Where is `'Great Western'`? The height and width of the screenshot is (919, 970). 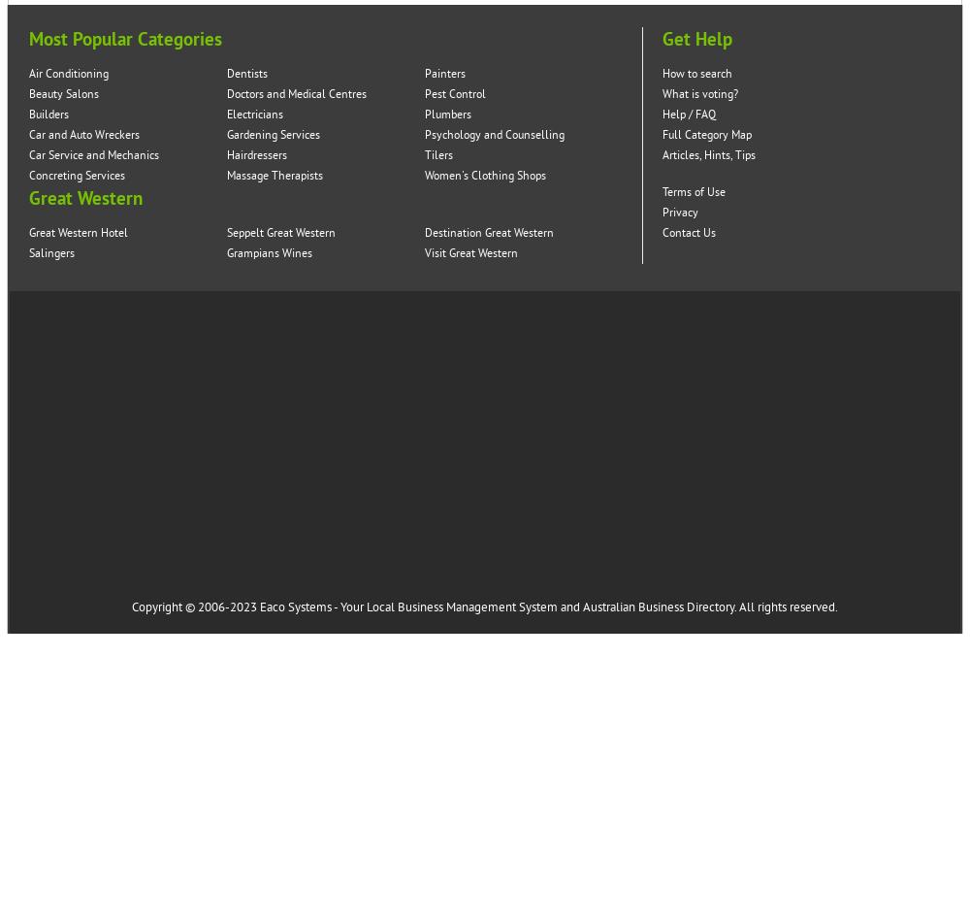 'Great Western' is located at coordinates (84, 199).